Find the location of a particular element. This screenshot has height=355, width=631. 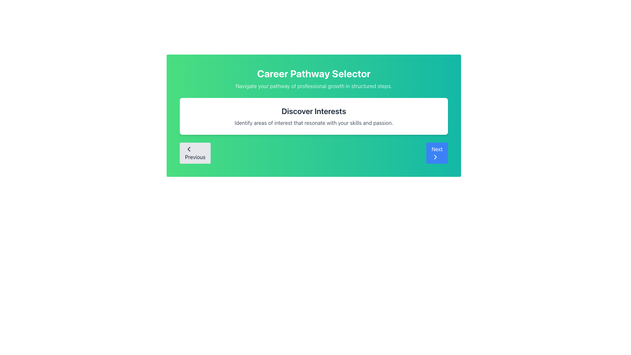

the 'Next' button, which is a rectangular button with rounded corners, a blue background, and white text displaying 'Next' is located at coordinates (437, 153).